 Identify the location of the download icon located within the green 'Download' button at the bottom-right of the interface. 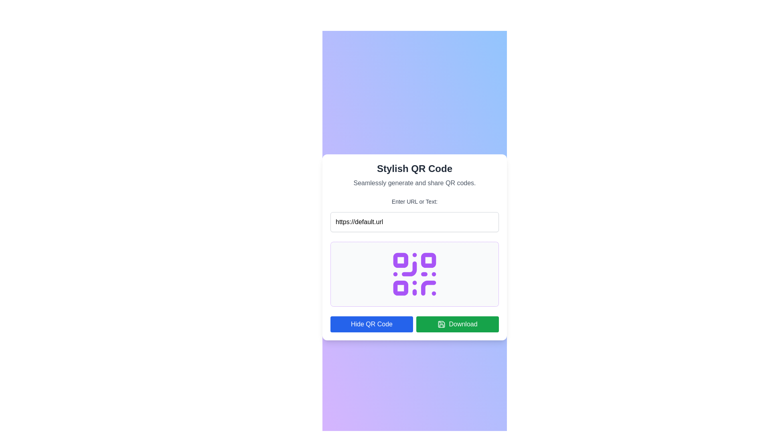
(441, 324).